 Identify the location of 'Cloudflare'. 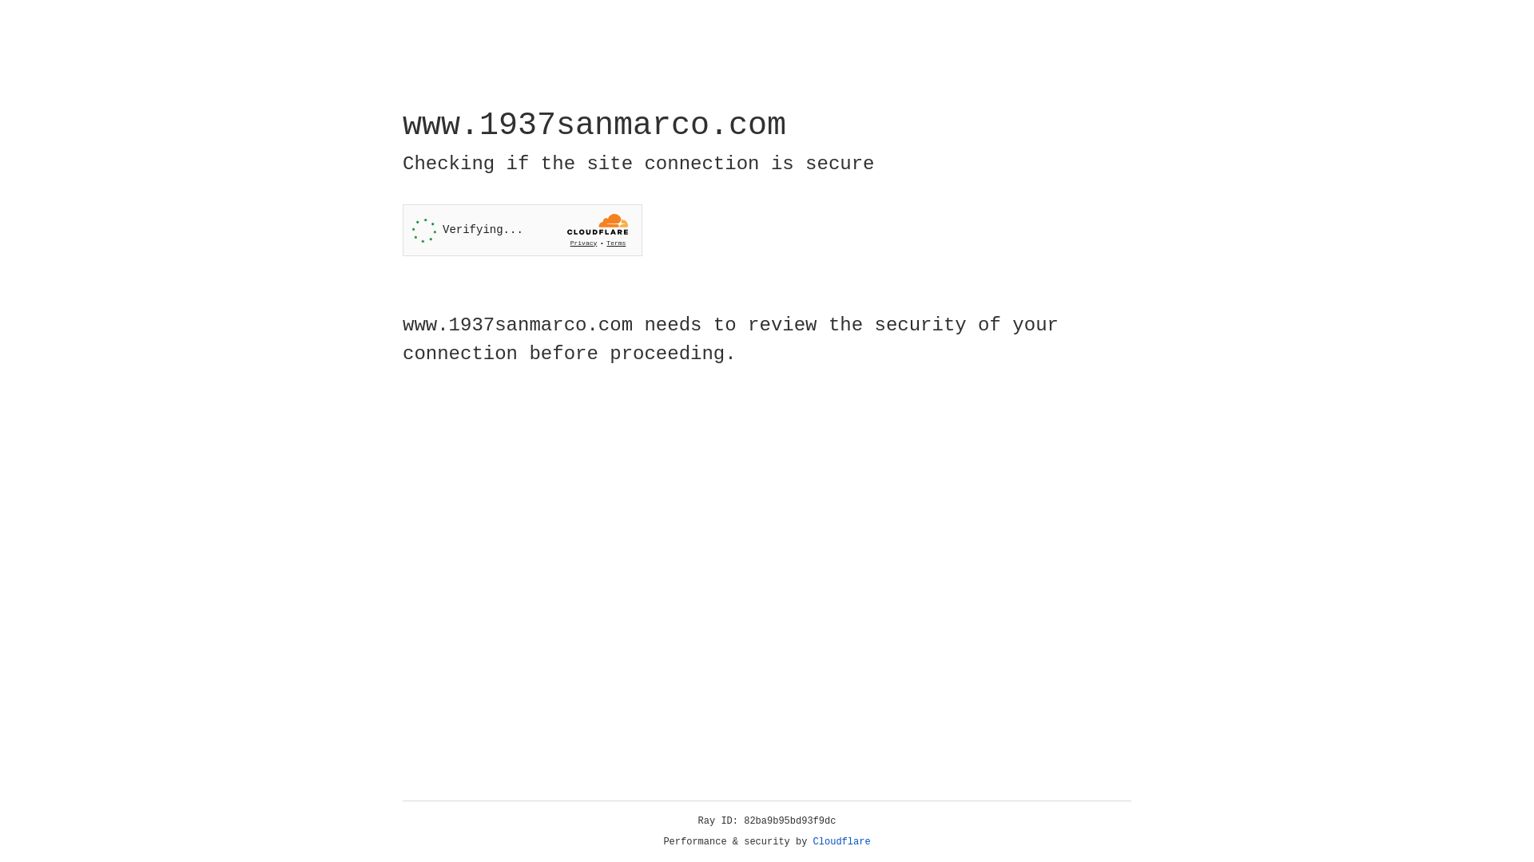
(841, 841).